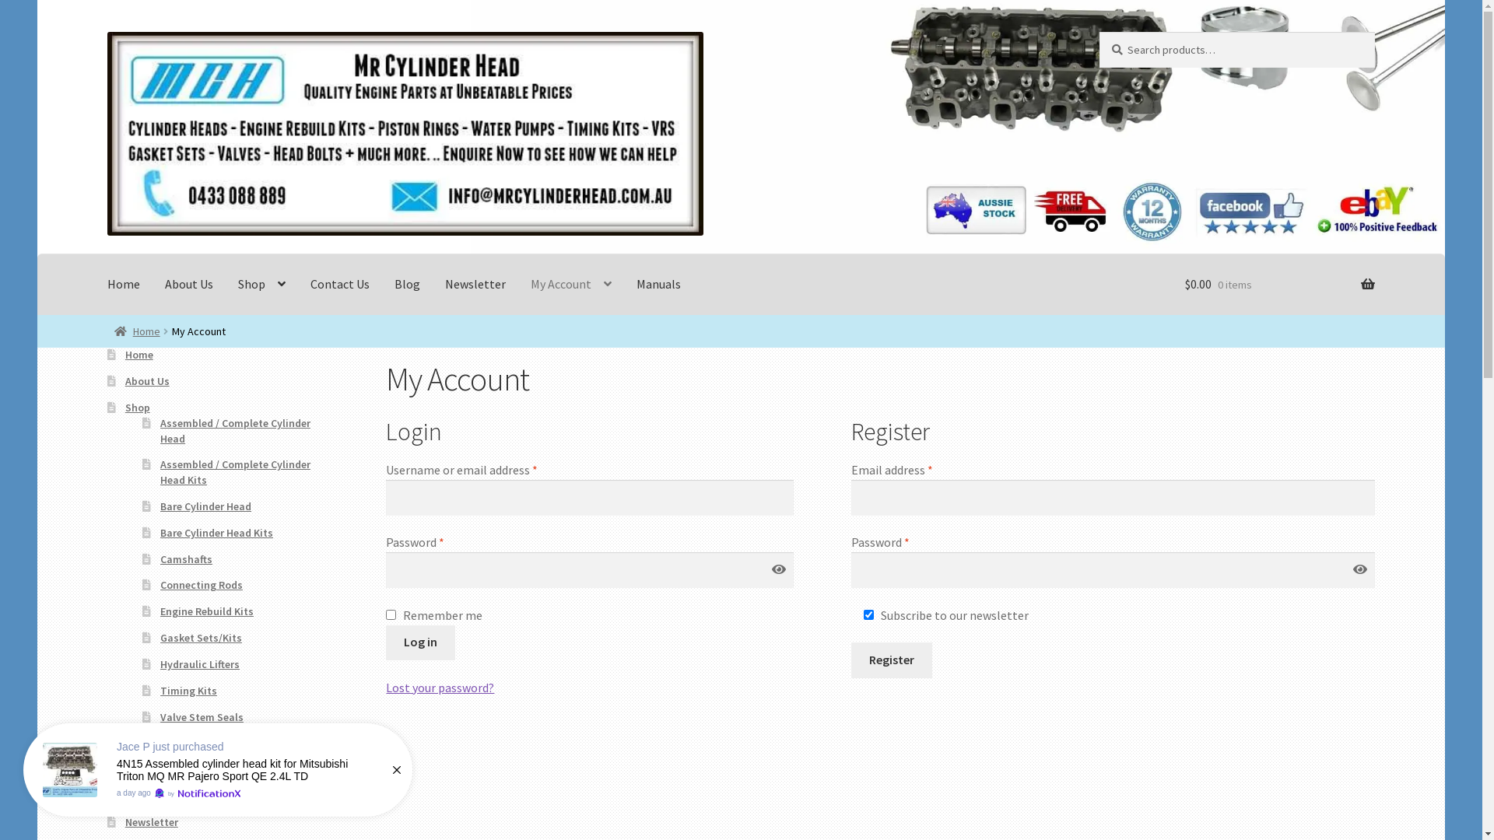 The width and height of the screenshot is (1494, 840). What do you see at coordinates (419, 642) in the screenshot?
I see `'Log in'` at bounding box center [419, 642].